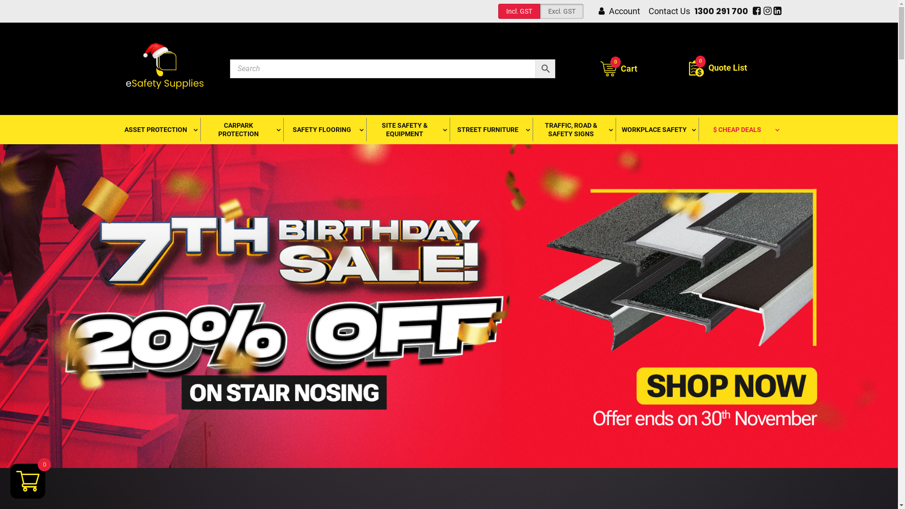  Describe the element at coordinates (739, 129) in the screenshot. I see `'$ CHEAP DEALS'` at that location.